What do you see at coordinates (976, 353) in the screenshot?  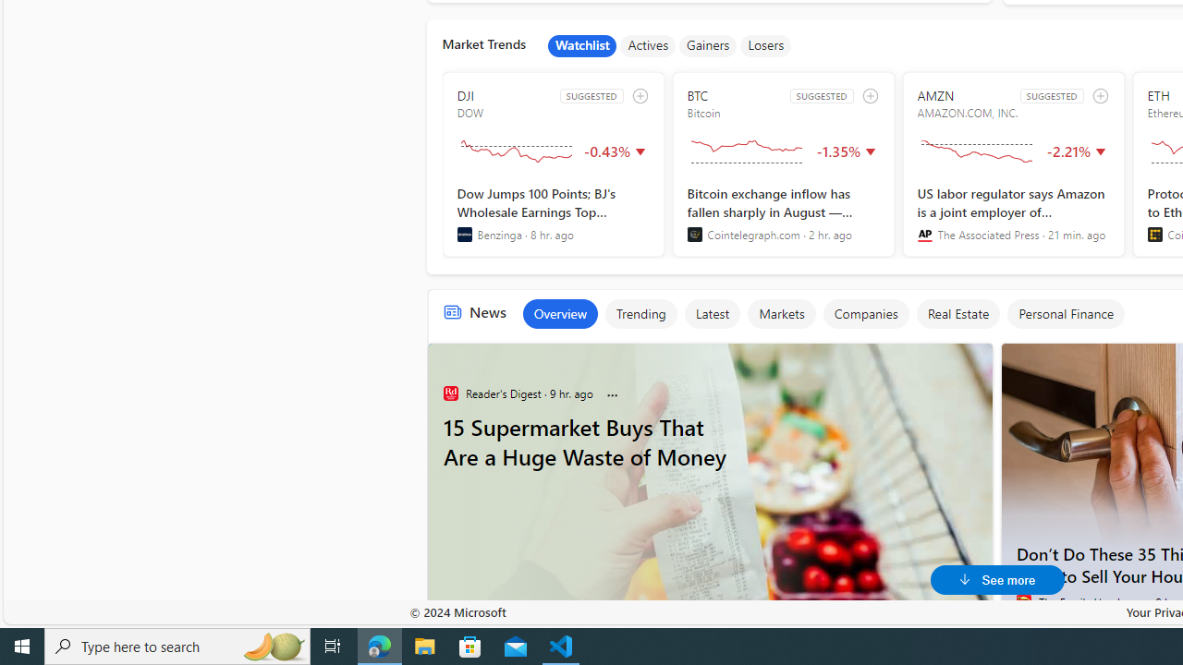 I see `'AdChoices'` at bounding box center [976, 353].